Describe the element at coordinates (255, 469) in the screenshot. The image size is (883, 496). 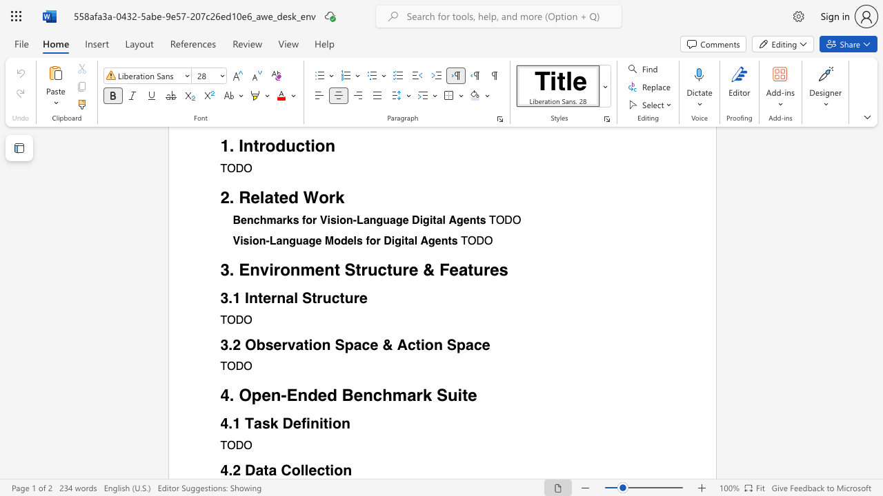
I see `the subset text "ata Co" within the text "Data Collection"` at that location.